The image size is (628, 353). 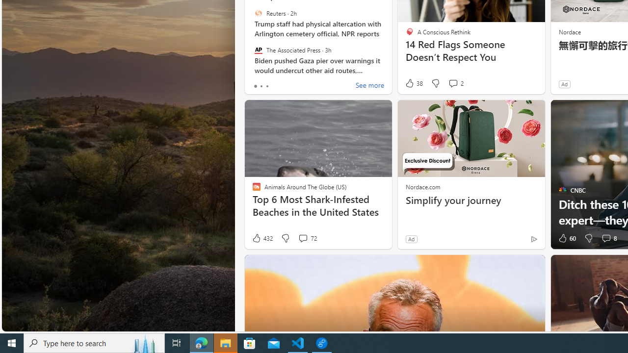 I want to click on 'The Associated Press', so click(x=258, y=50).